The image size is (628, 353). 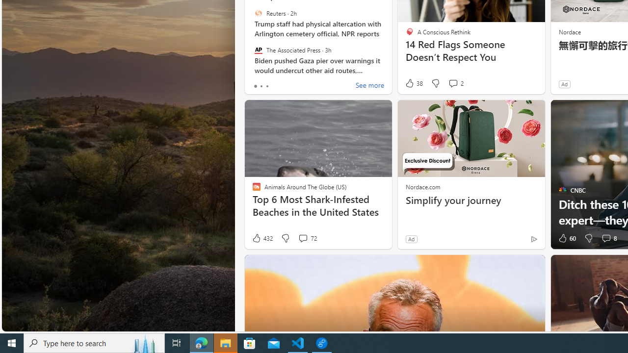 I want to click on 'The Associated Press', so click(x=258, y=50).